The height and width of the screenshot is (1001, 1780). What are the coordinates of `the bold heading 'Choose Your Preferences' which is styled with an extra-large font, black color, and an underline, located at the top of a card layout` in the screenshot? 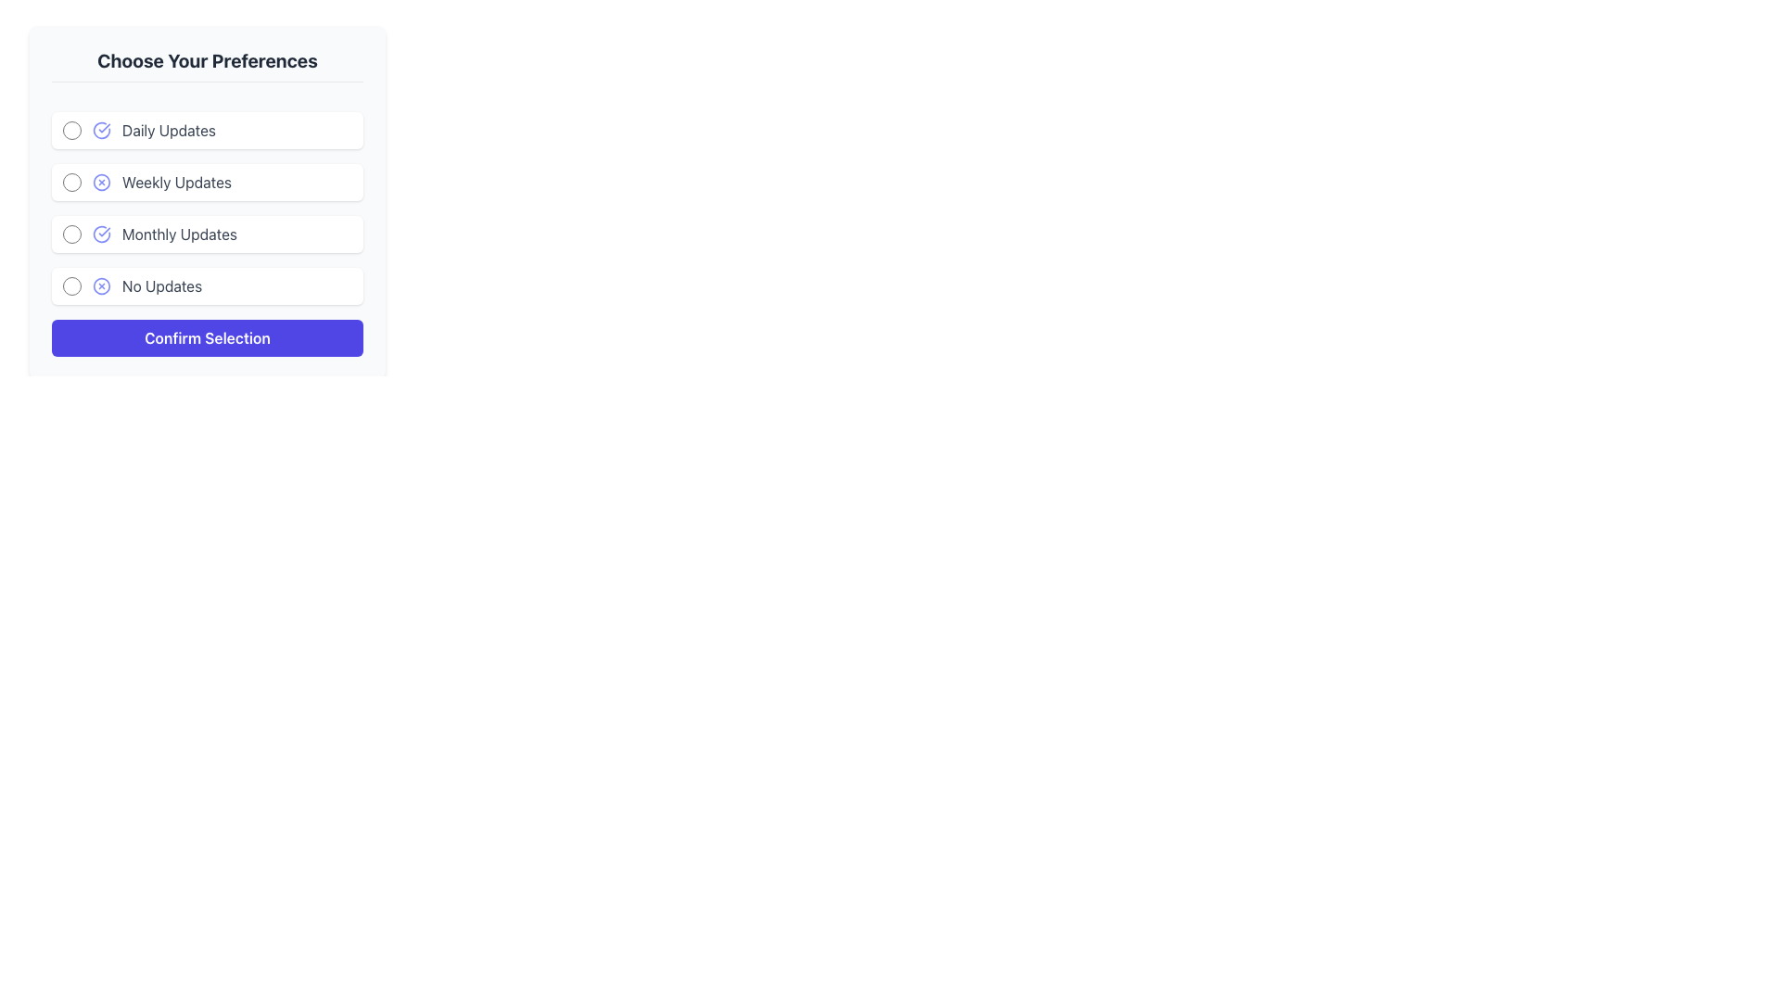 It's located at (208, 64).